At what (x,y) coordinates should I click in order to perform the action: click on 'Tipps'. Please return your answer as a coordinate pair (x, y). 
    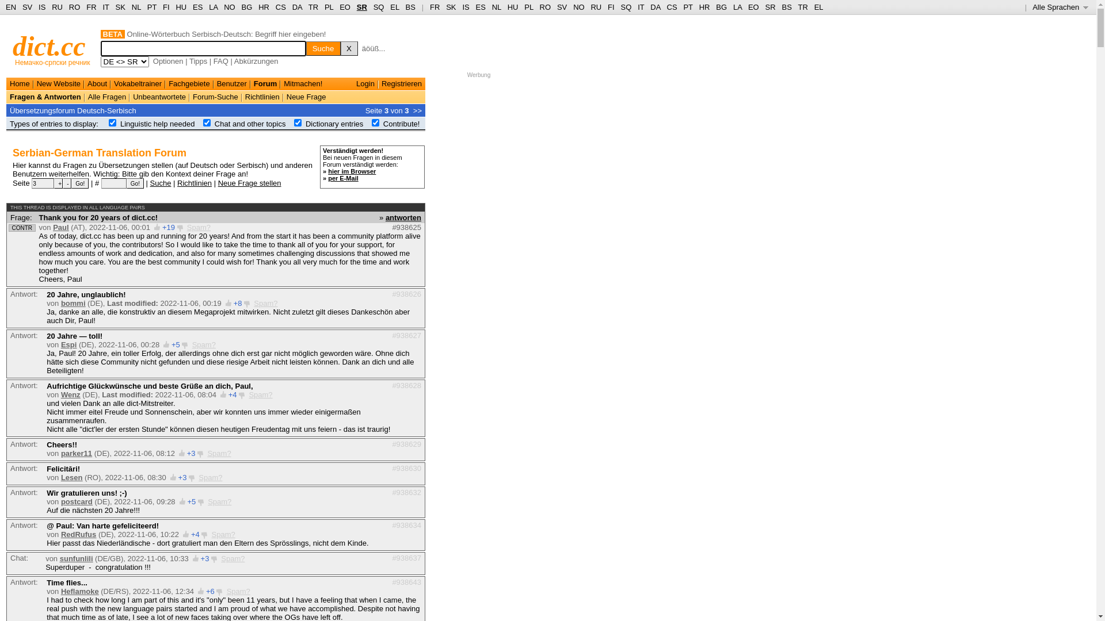
    Looking at the image, I should click on (198, 61).